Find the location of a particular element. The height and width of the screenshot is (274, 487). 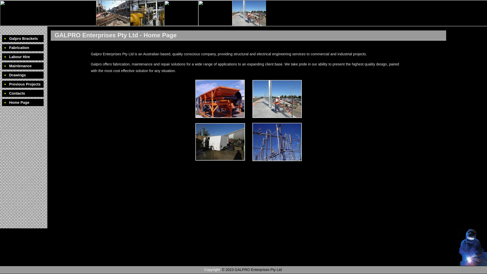

'Galpro Brackets' is located at coordinates (23, 38).